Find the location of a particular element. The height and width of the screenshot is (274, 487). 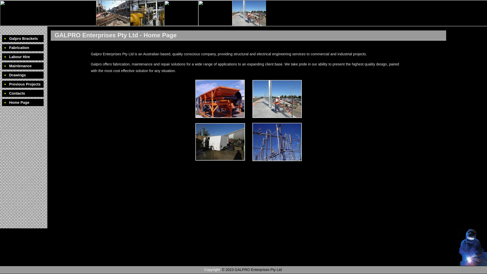

'Galpro Brackets' is located at coordinates (23, 38).